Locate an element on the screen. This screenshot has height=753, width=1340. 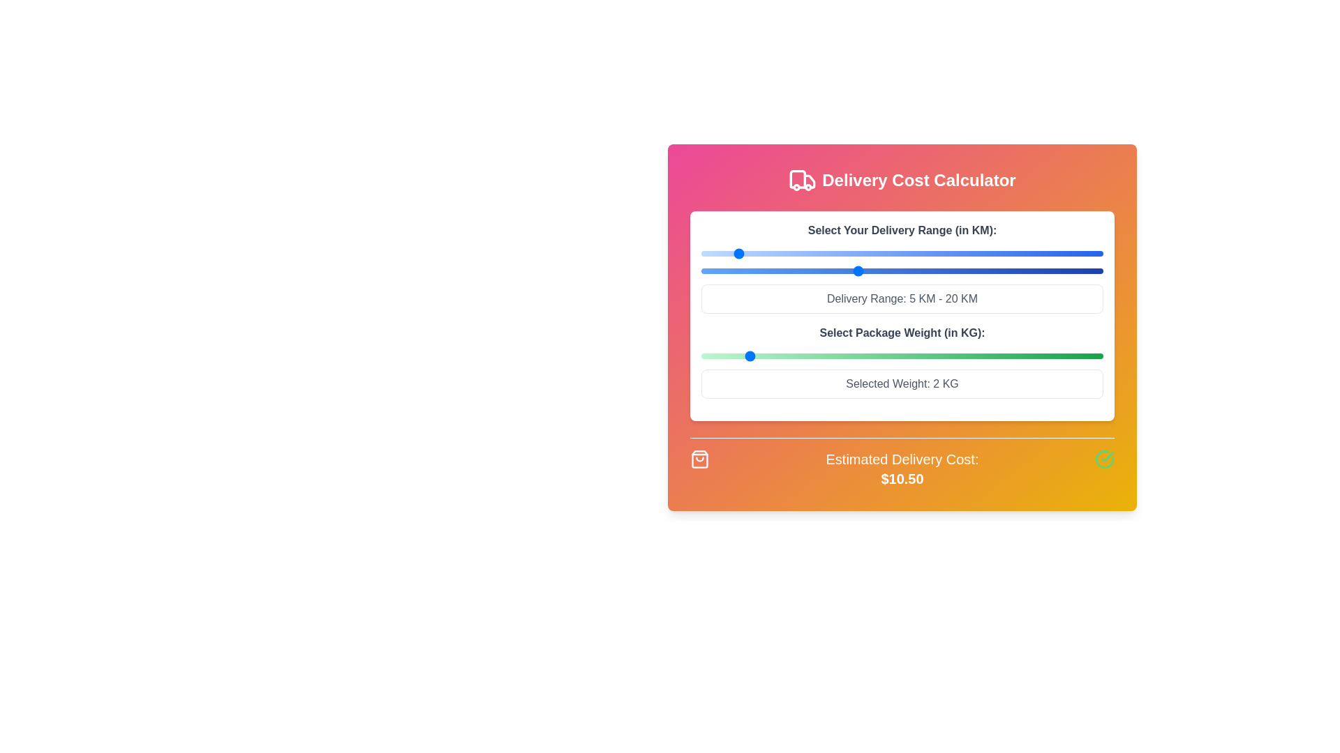
the shopping bag icon located on the left side of the section, adjacent to the text 'Estimated Delivery Cost: $10.50' is located at coordinates (700, 459).